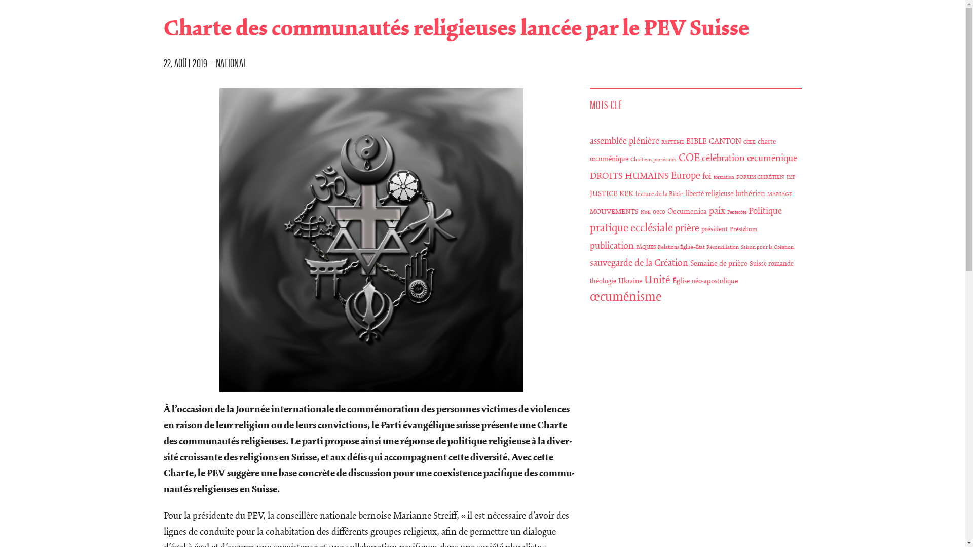 This screenshot has width=973, height=547. Describe the element at coordinates (749, 210) in the screenshot. I see `'Politique'` at that location.